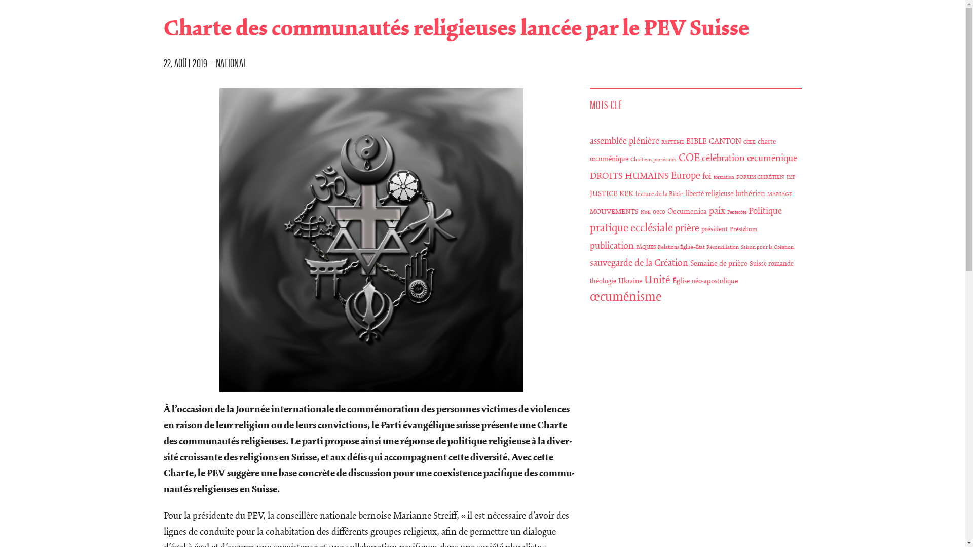 This screenshot has width=973, height=547. Describe the element at coordinates (749, 210) in the screenshot. I see `'Politique'` at that location.